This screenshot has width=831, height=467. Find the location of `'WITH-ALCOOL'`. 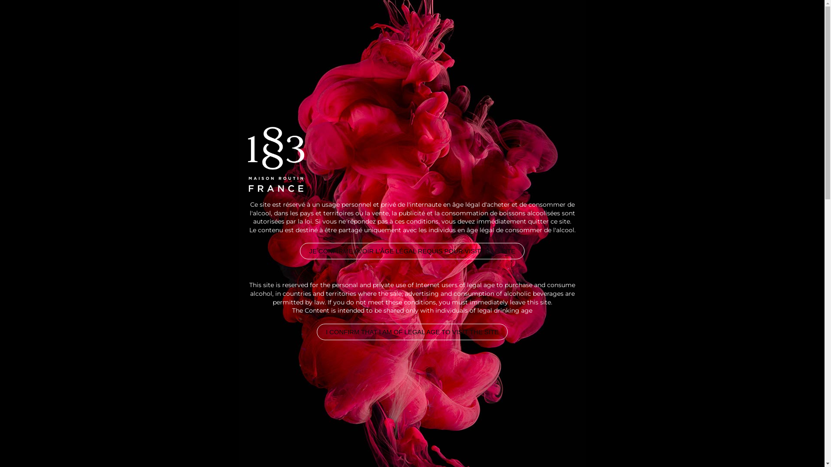

'WITH-ALCOOL' is located at coordinates (150, 128).